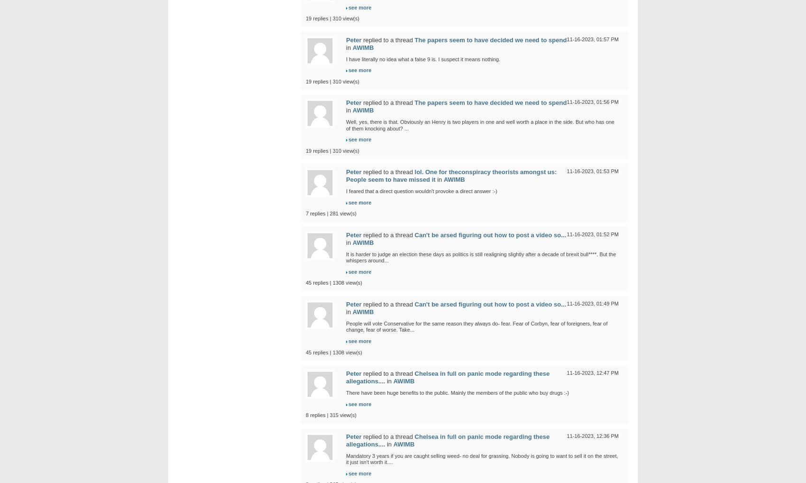  What do you see at coordinates (607, 372) in the screenshot?
I see `'12:47 PM'` at bounding box center [607, 372].